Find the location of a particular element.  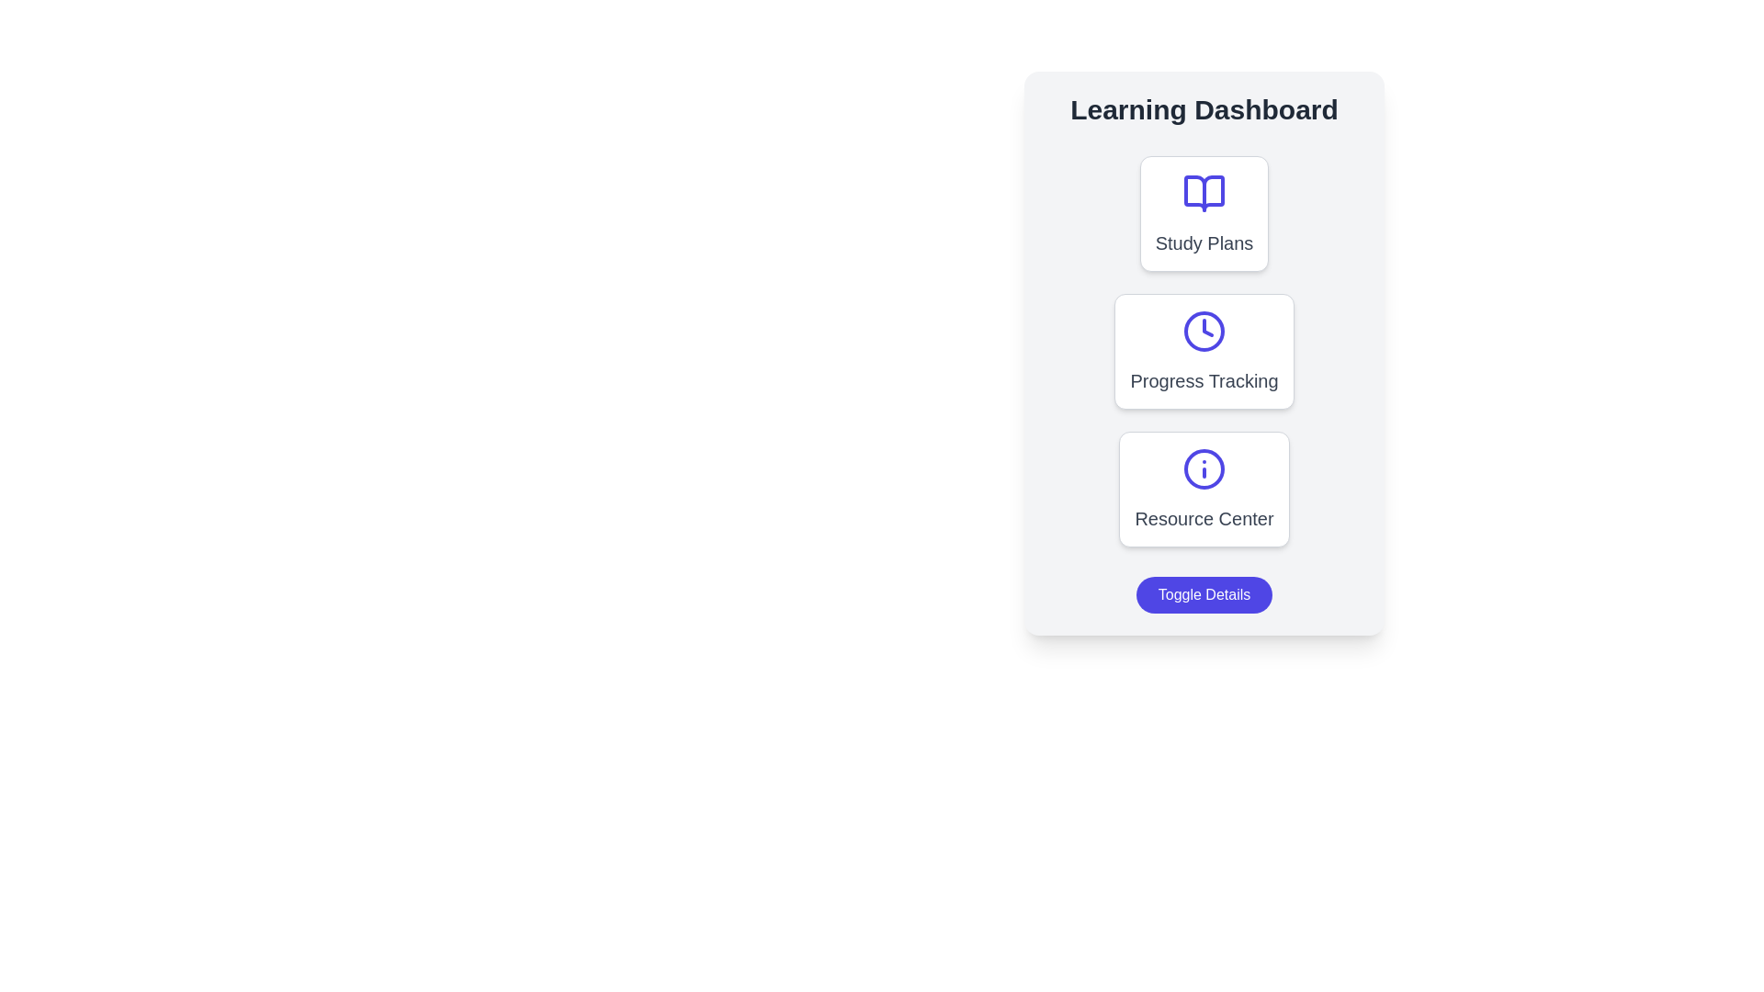

the information icon in the Resource Center section of the Learning Dashboard to use it as a visual reference is located at coordinates (1204, 468).